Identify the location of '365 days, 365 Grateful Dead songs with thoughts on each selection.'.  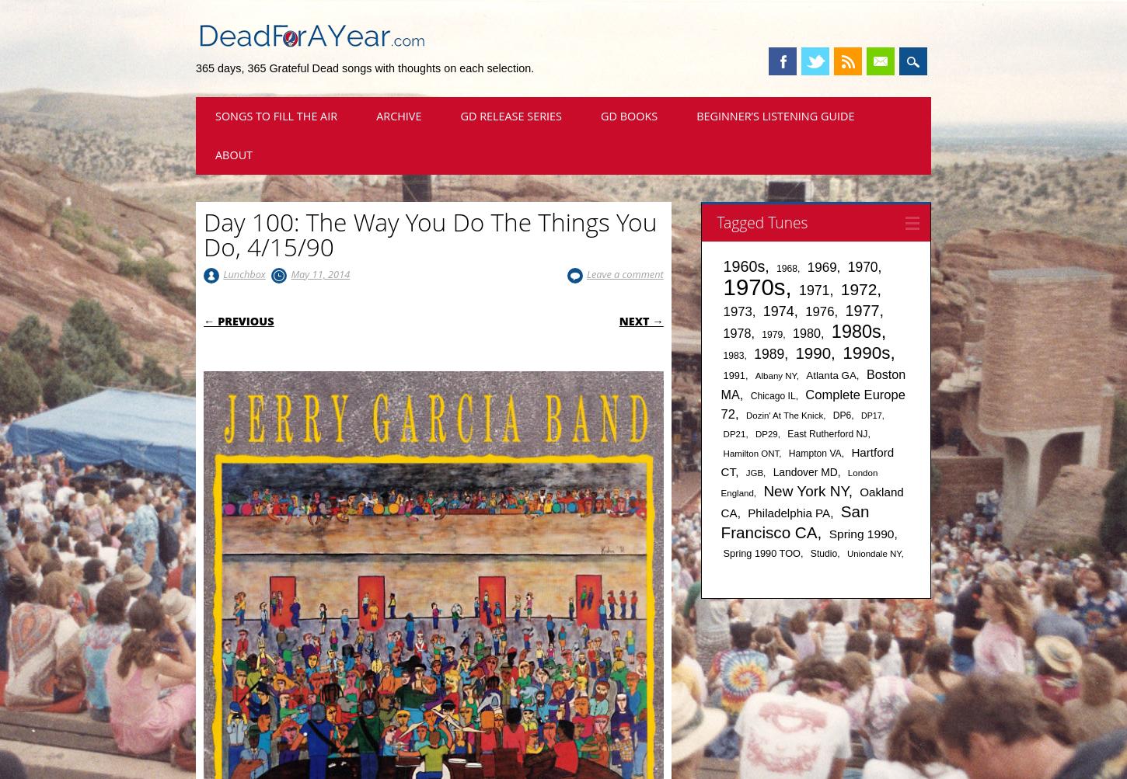
(364, 68).